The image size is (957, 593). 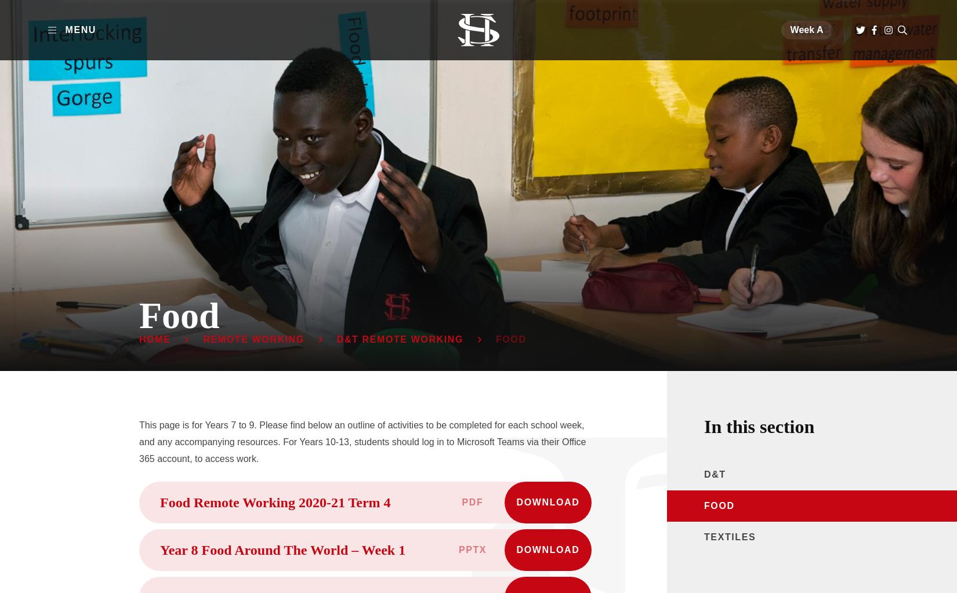 I want to click on 'Headteacher's Welcome', so click(x=517, y=165).